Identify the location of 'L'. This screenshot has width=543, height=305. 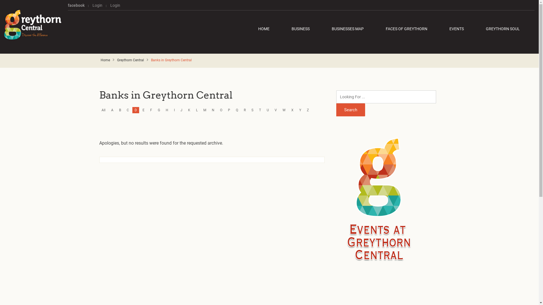
(197, 110).